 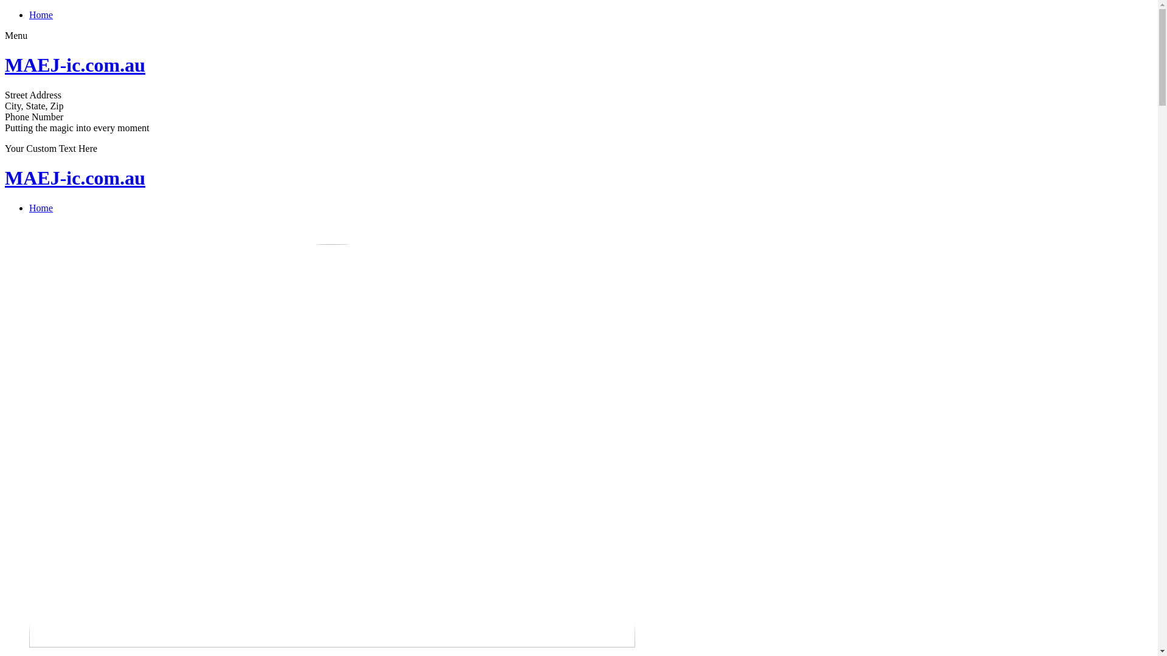 What do you see at coordinates (16, 35) in the screenshot?
I see `'Menu'` at bounding box center [16, 35].